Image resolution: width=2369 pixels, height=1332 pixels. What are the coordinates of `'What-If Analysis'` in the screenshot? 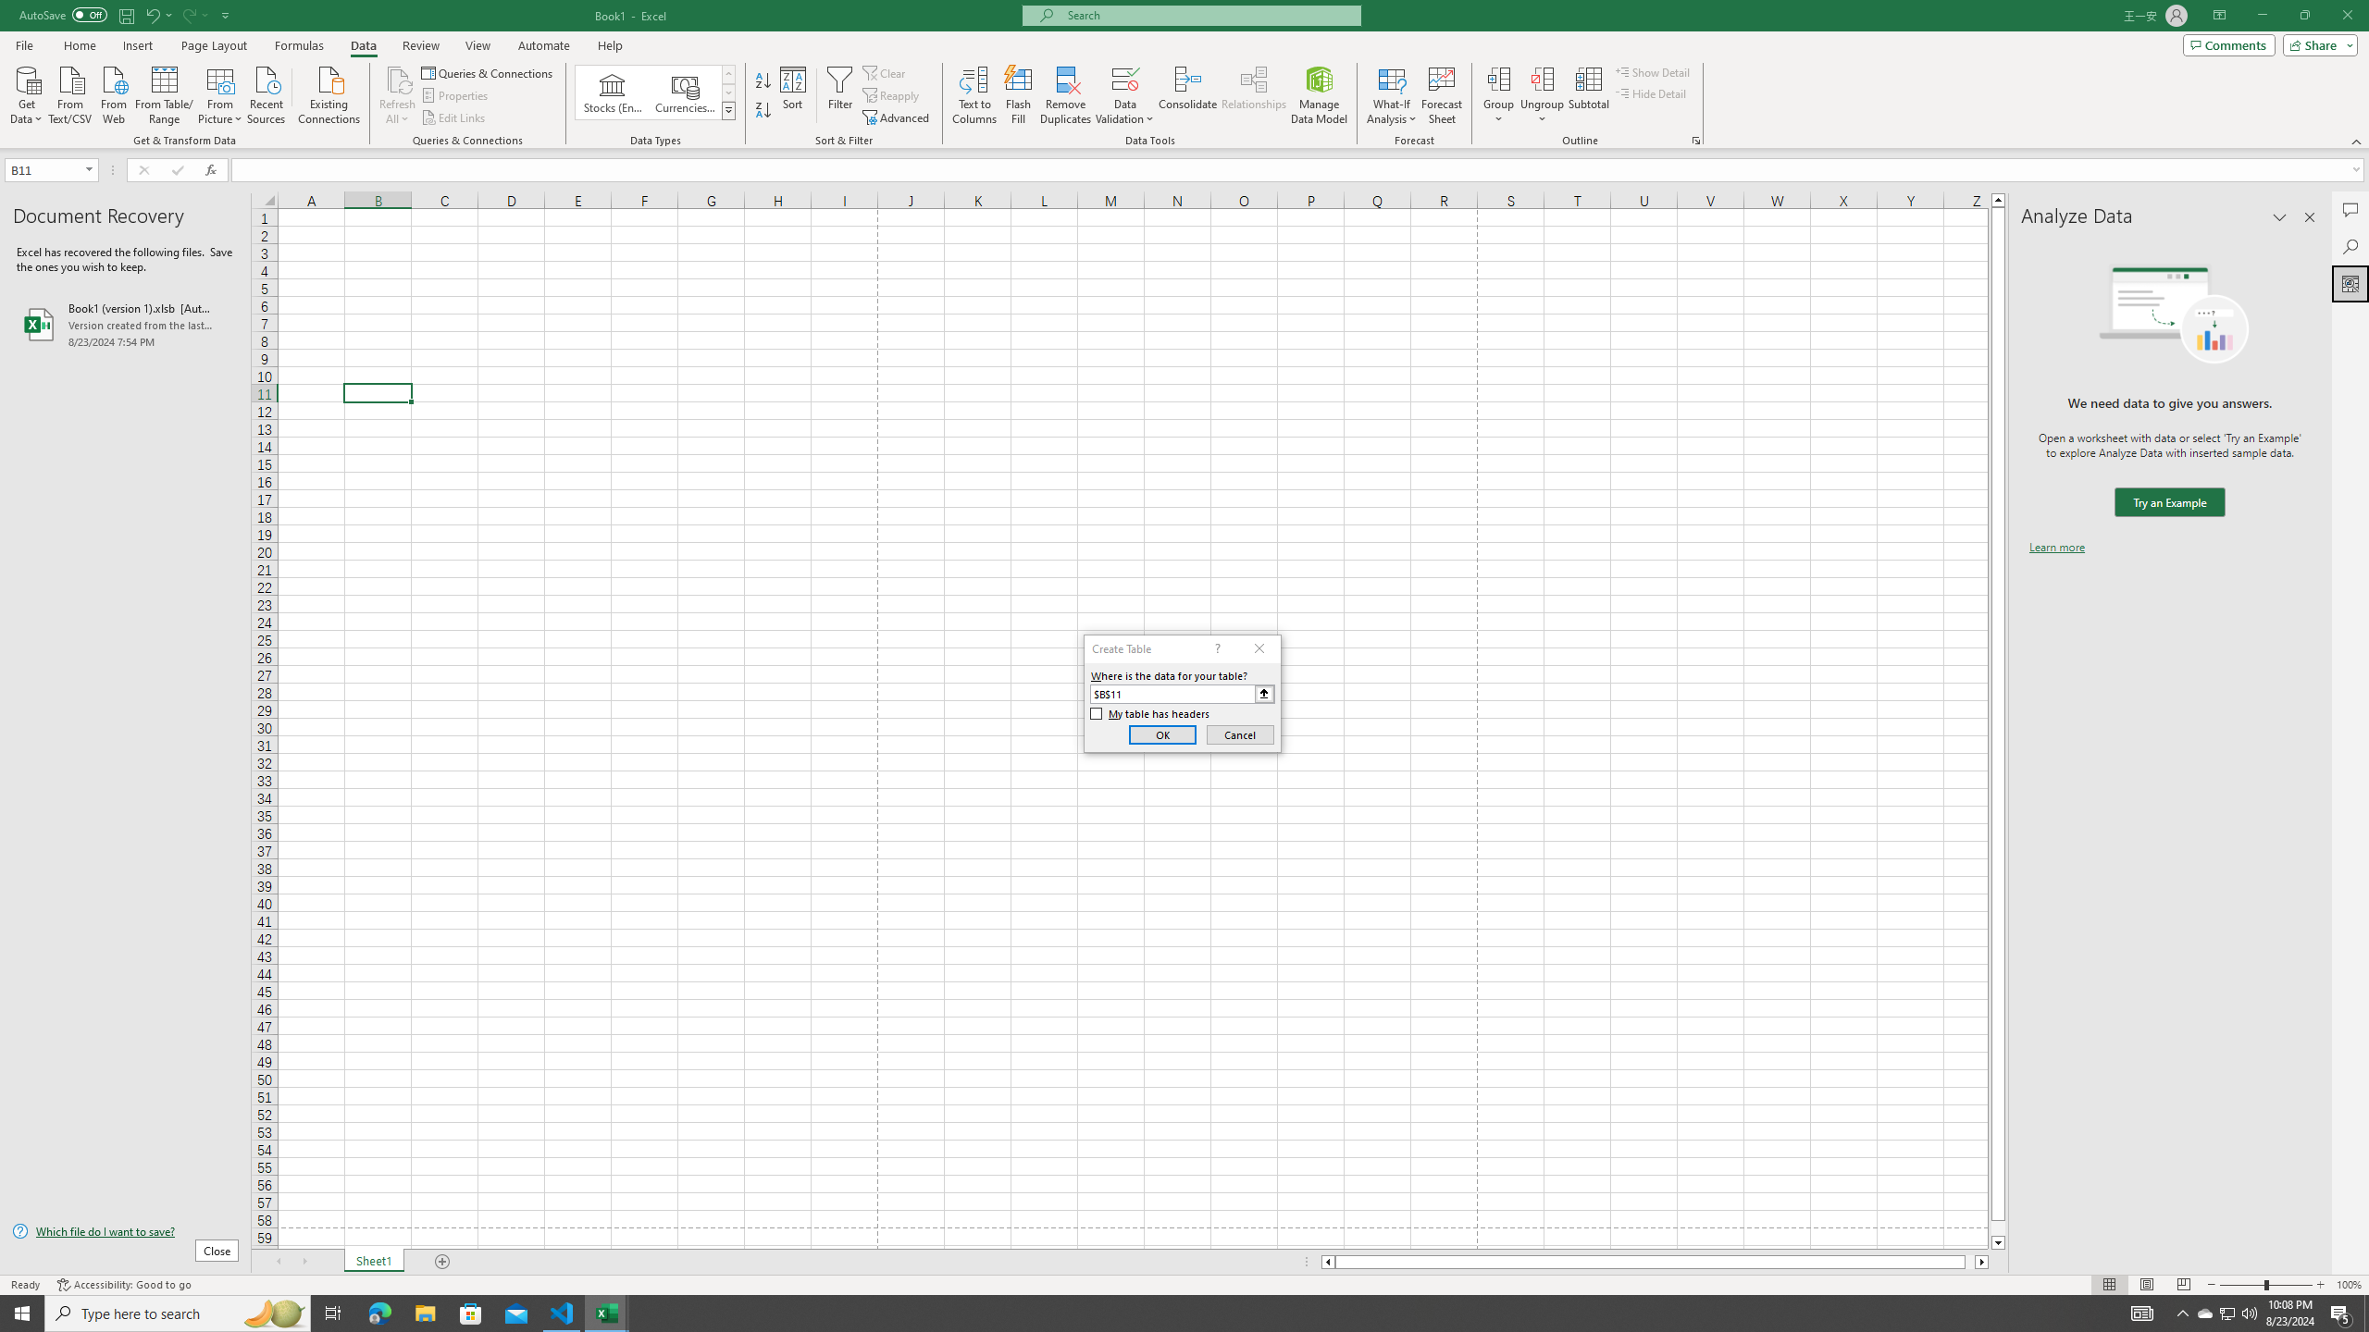 It's located at (1392, 95).